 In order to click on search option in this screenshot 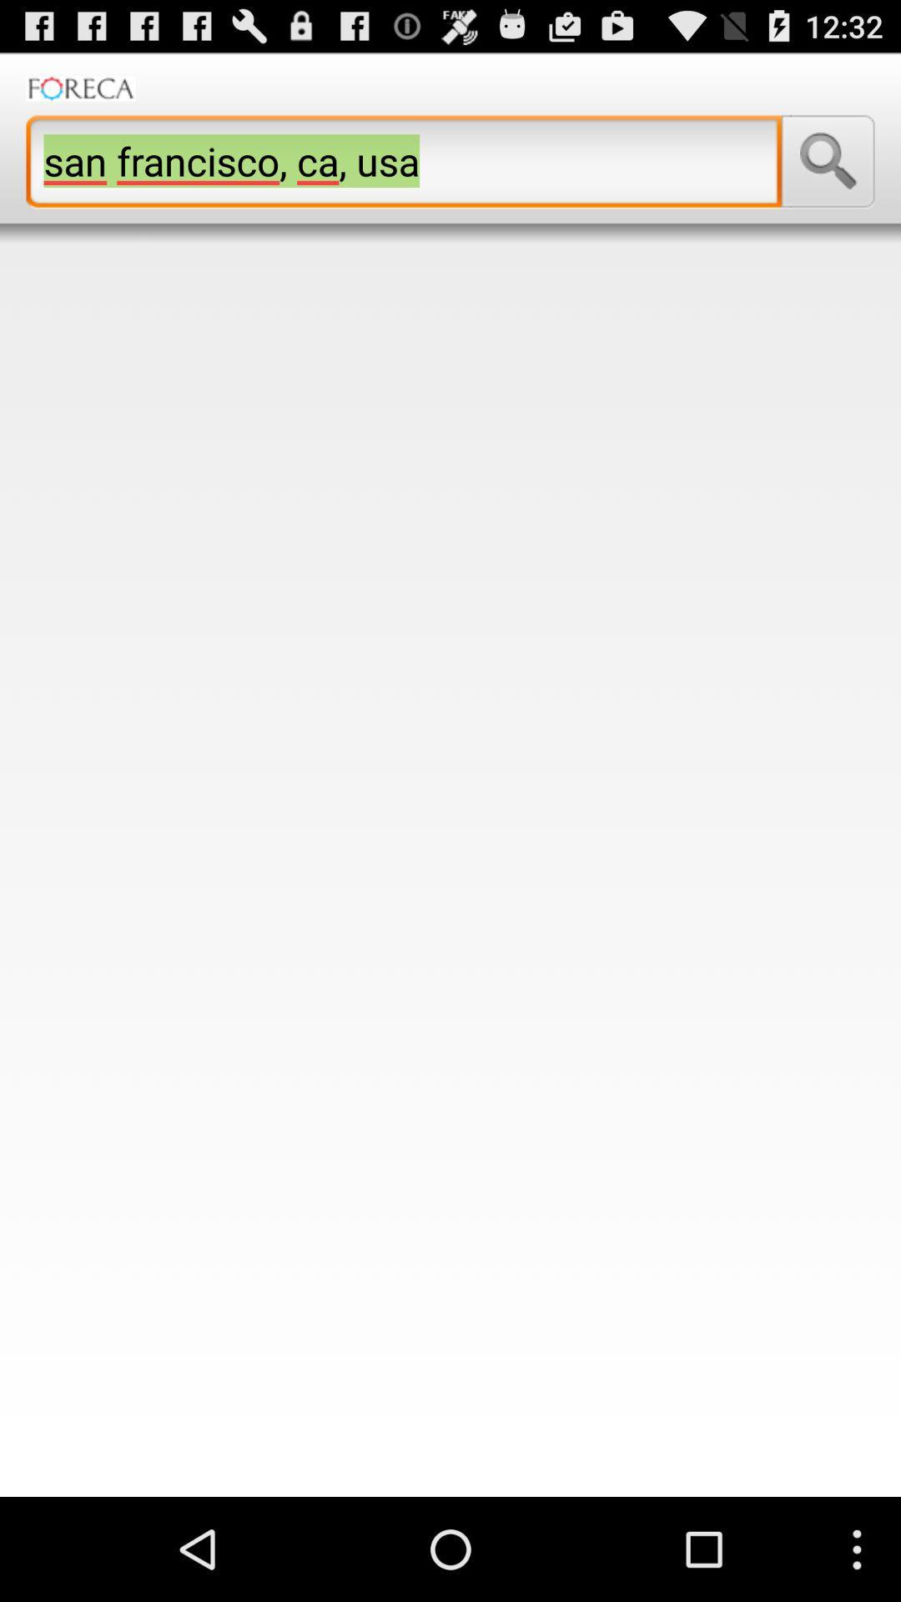, I will do `click(828, 161)`.